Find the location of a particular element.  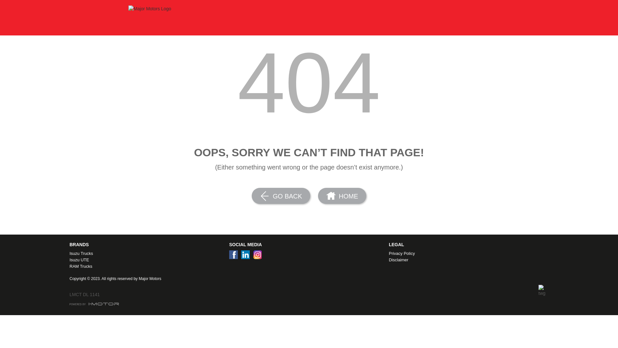

'linkedin' is located at coordinates (247, 256).